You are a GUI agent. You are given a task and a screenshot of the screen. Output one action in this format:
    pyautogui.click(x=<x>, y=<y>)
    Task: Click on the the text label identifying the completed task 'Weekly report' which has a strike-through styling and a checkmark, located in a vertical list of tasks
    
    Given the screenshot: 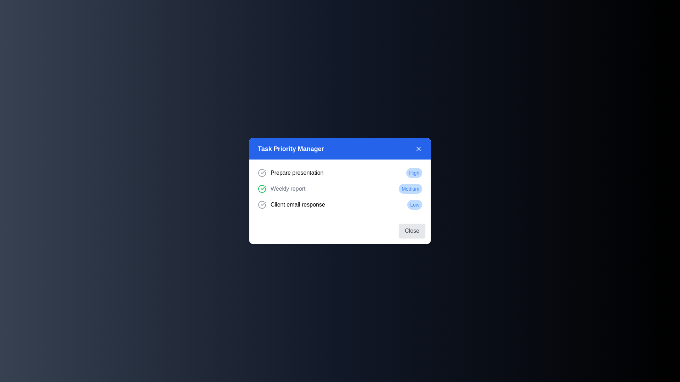 What is the action you would take?
    pyautogui.click(x=281, y=188)
    